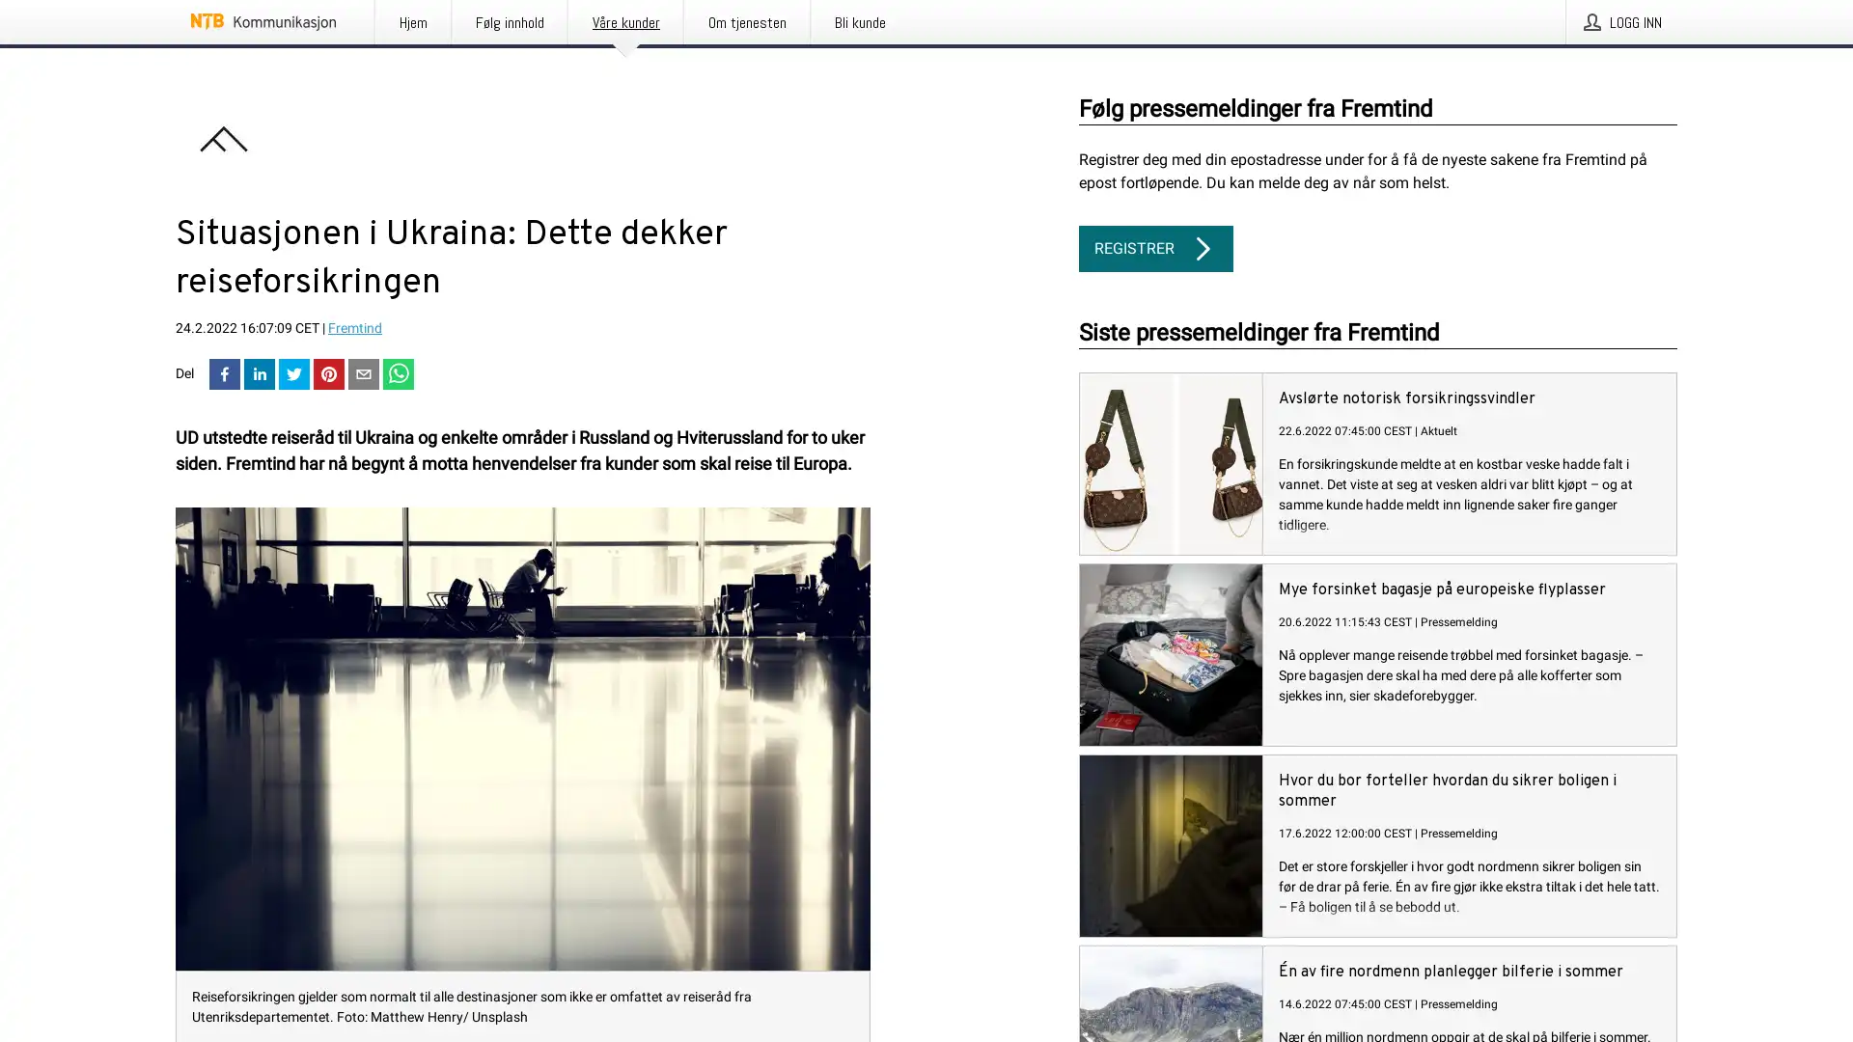  Describe the element at coordinates (1156, 248) in the screenshot. I see `REGISTRER` at that location.